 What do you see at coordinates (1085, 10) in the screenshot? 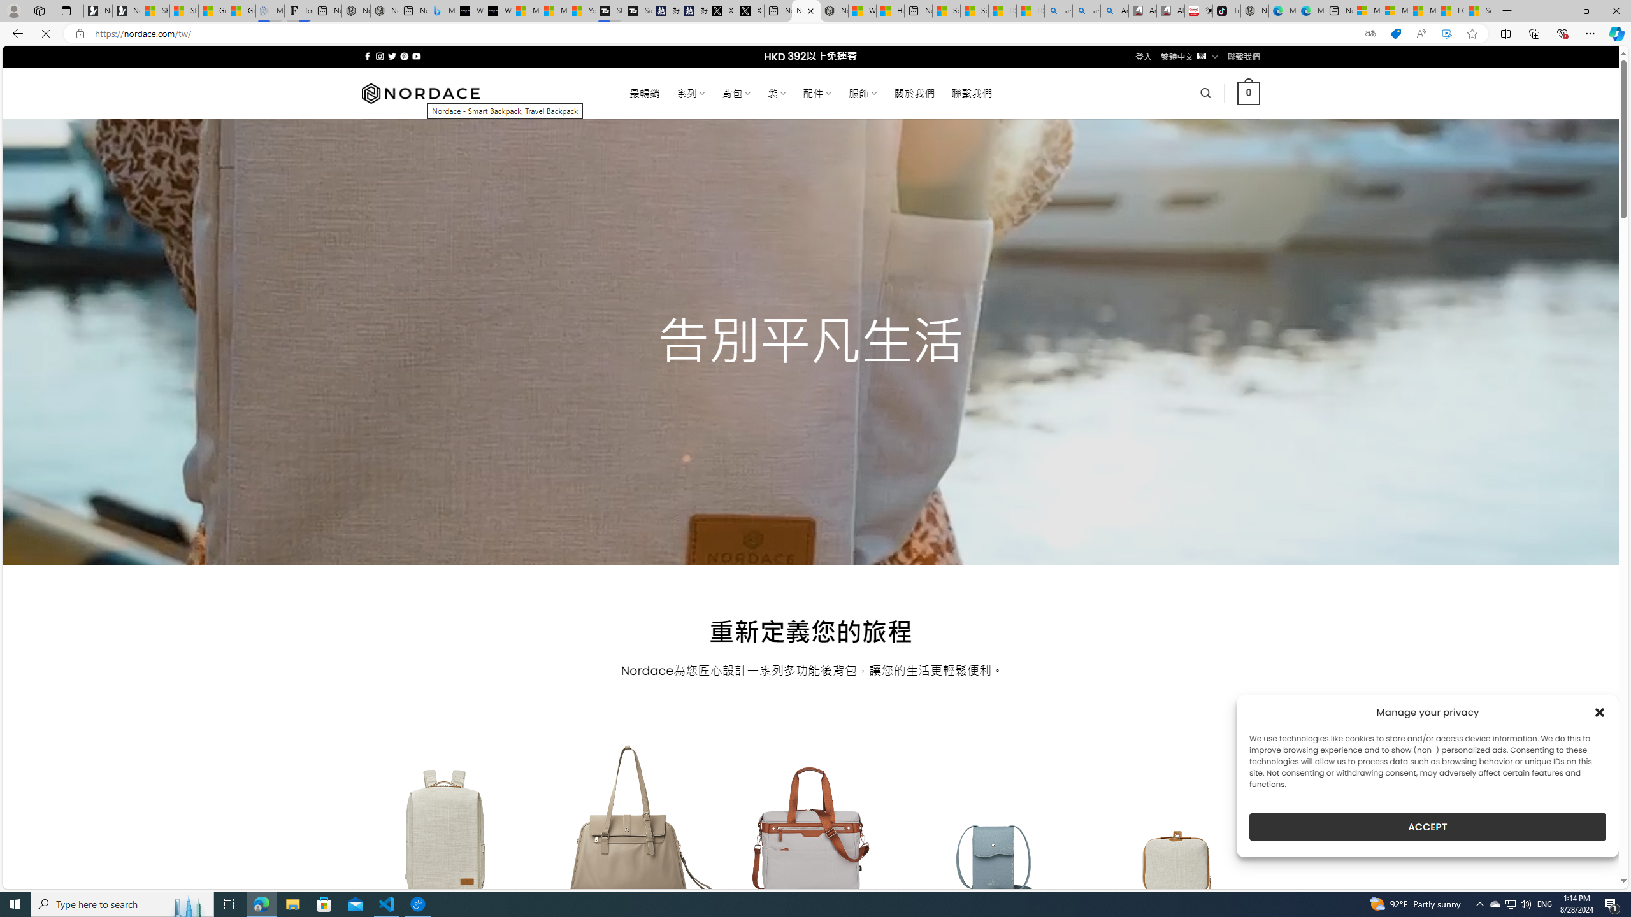
I see `'amazon - Search Images'` at bounding box center [1085, 10].